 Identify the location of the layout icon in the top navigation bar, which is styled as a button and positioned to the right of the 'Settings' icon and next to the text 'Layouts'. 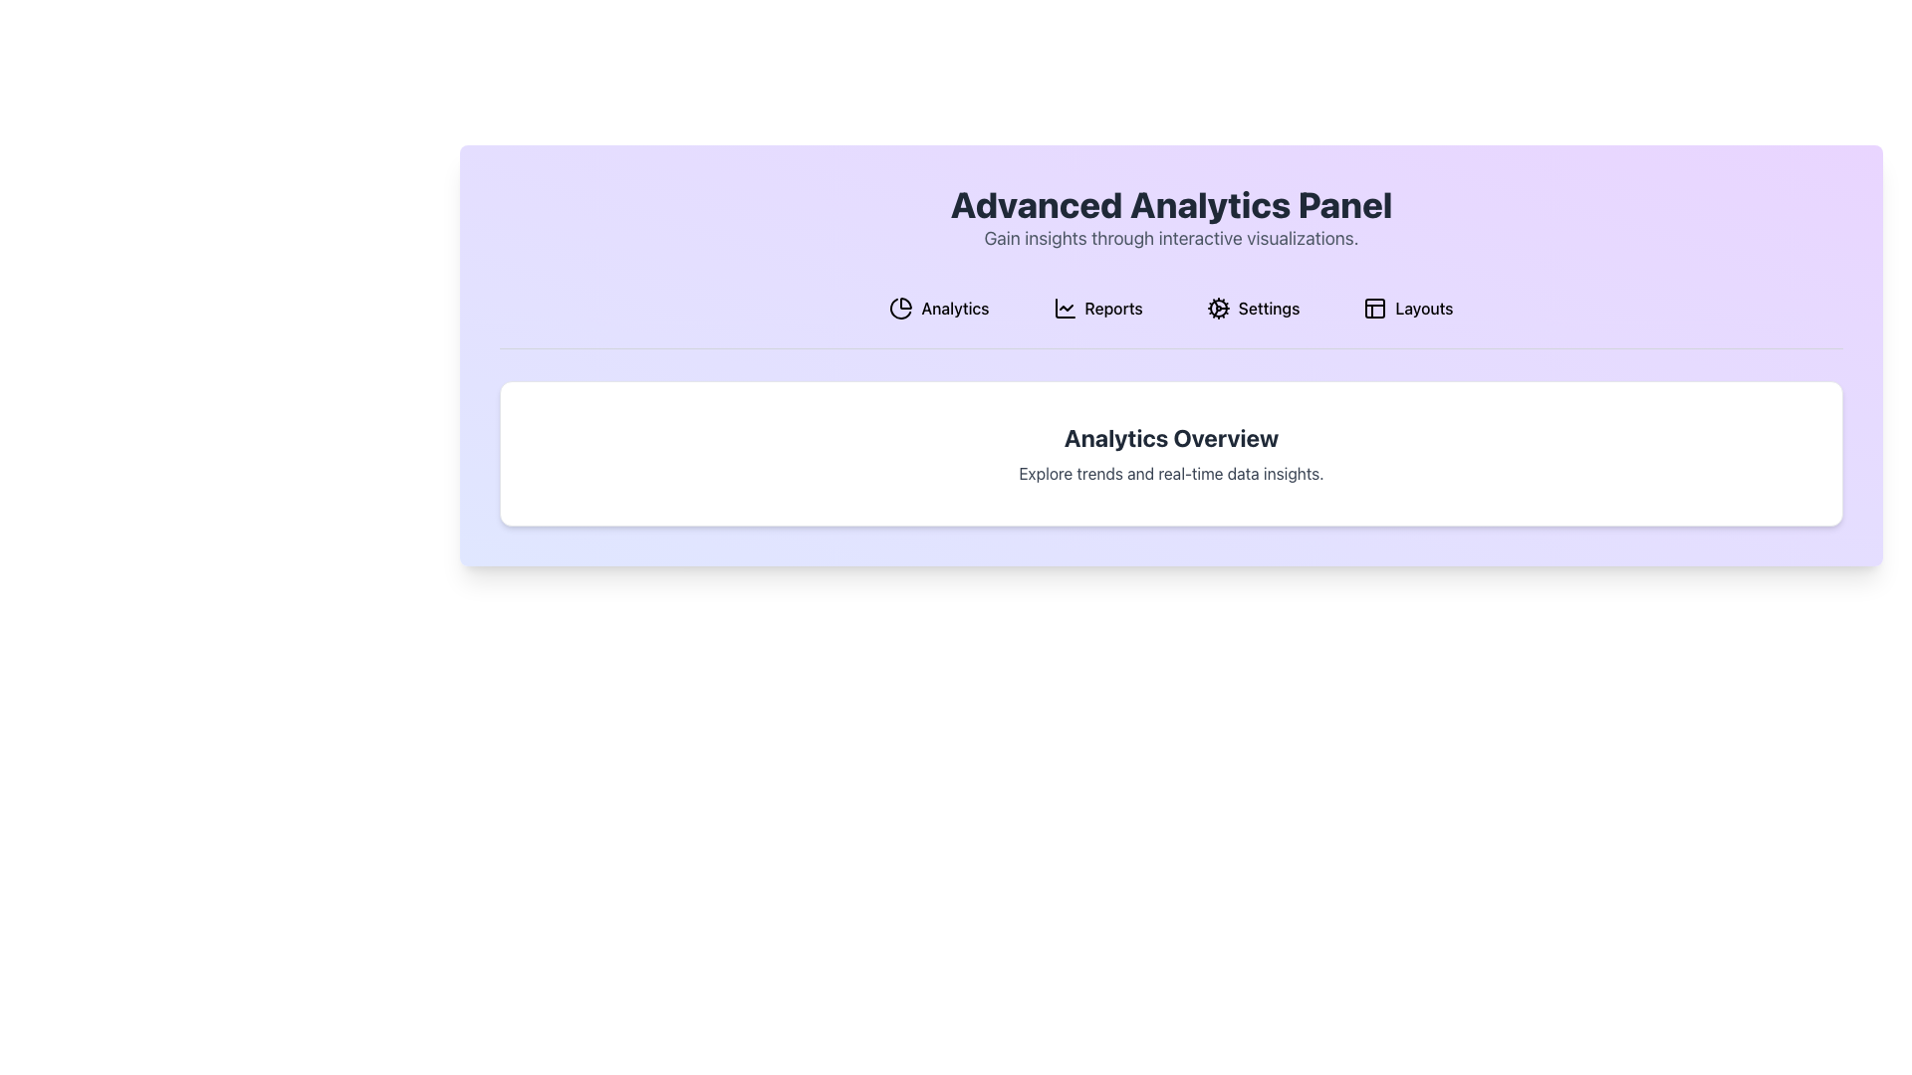
(1374, 308).